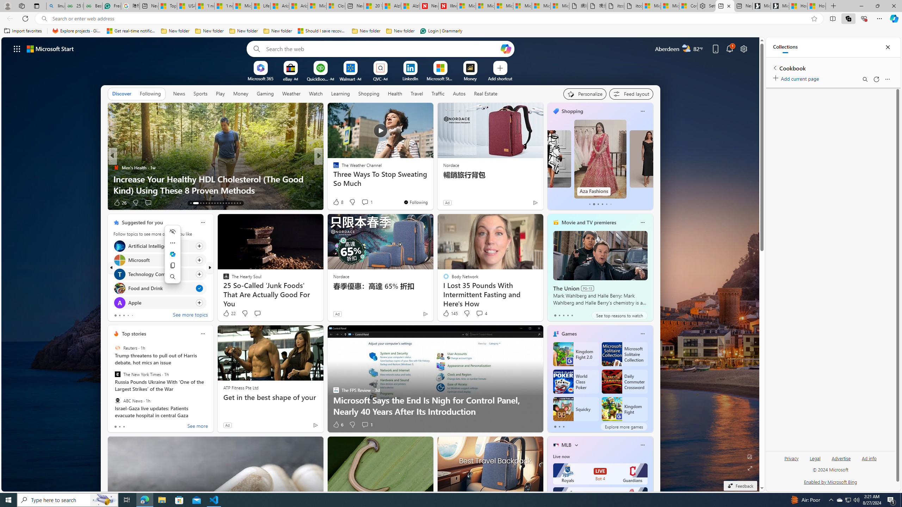 The height and width of the screenshot is (507, 902). Describe the element at coordinates (337, 202) in the screenshot. I see `'127 Like'` at that location.